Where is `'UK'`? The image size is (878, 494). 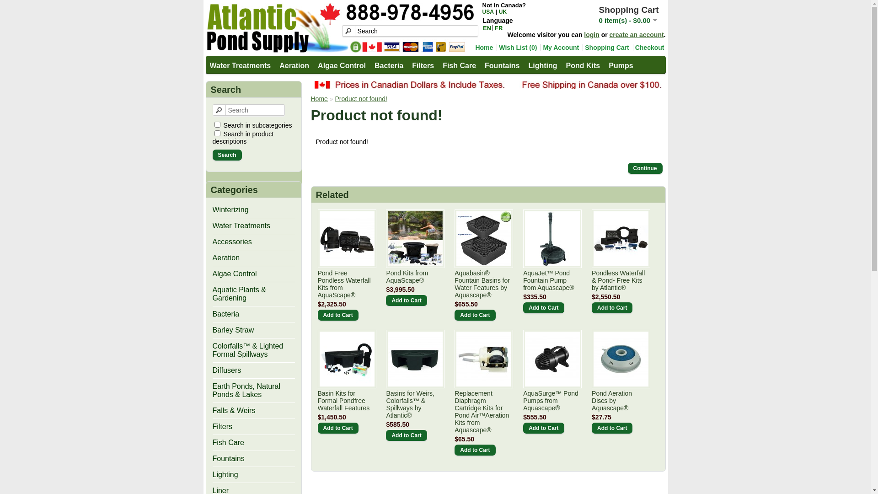
'UK' is located at coordinates (502, 12).